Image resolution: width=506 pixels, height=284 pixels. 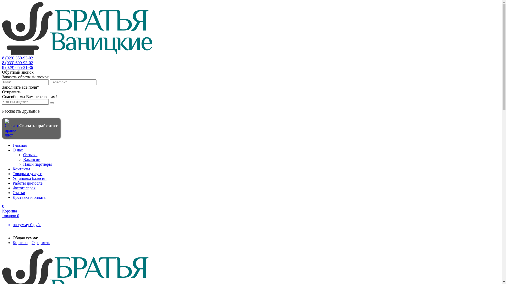 What do you see at coordinates (17, 58) in the screenshot?
I see `'8 (029) 350-93-02'` at bounding box center [17, 58].